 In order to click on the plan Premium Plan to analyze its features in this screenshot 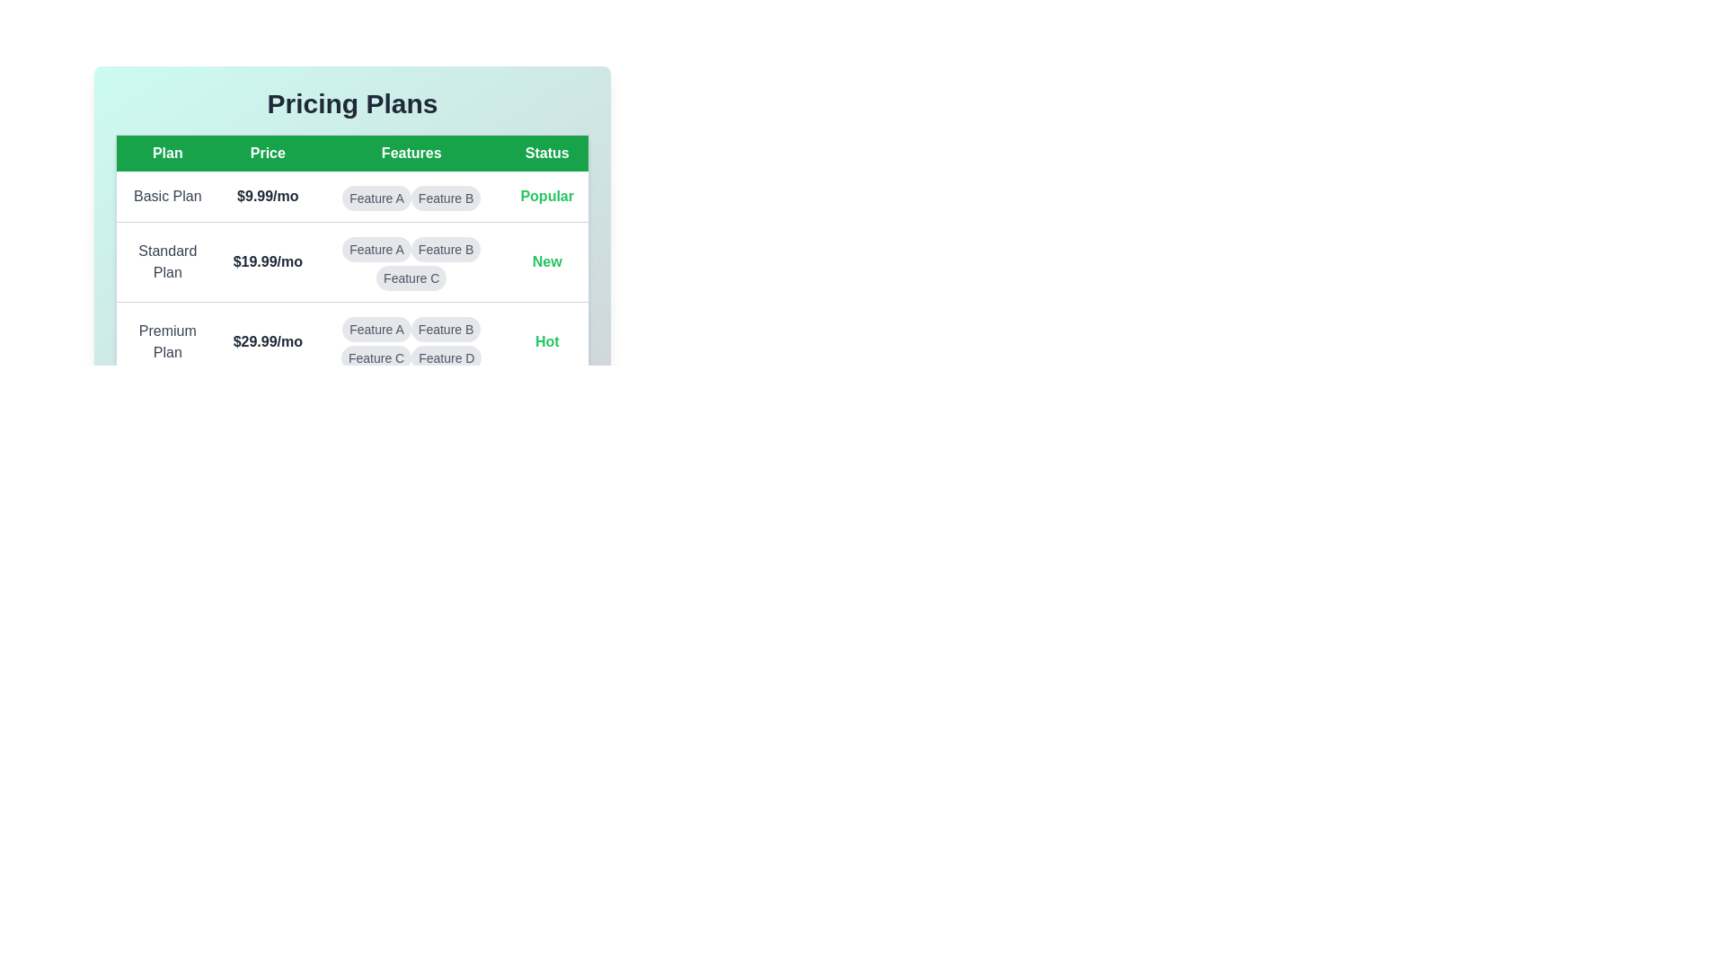, I will do `click(167, 342)`.